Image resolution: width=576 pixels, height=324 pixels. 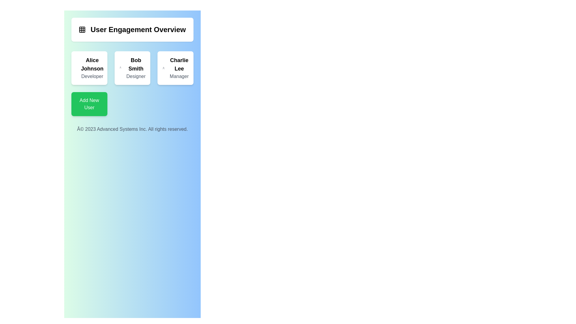 What do you see at coordinates (179, 68) in the screenshot?
I see `the text label displaying the name 'Charlie Lee' and the title 'Manager', which is part of a user profile card located in the third position from the left in a row of profile cards` at bounding box center [179, 68].